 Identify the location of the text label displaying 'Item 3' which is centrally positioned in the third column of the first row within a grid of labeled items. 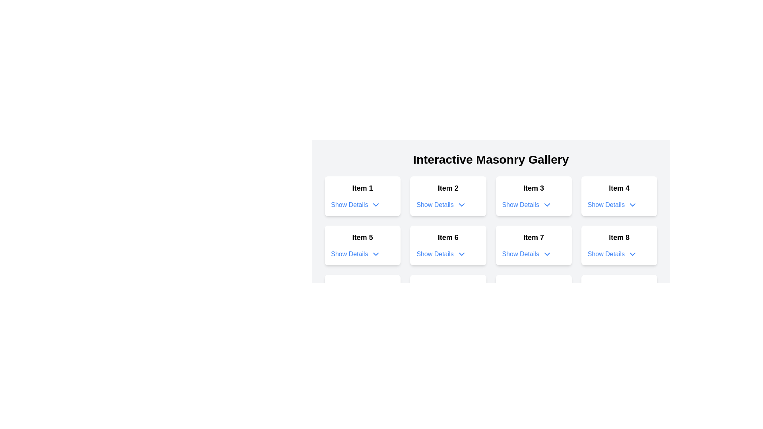
(534, 188).